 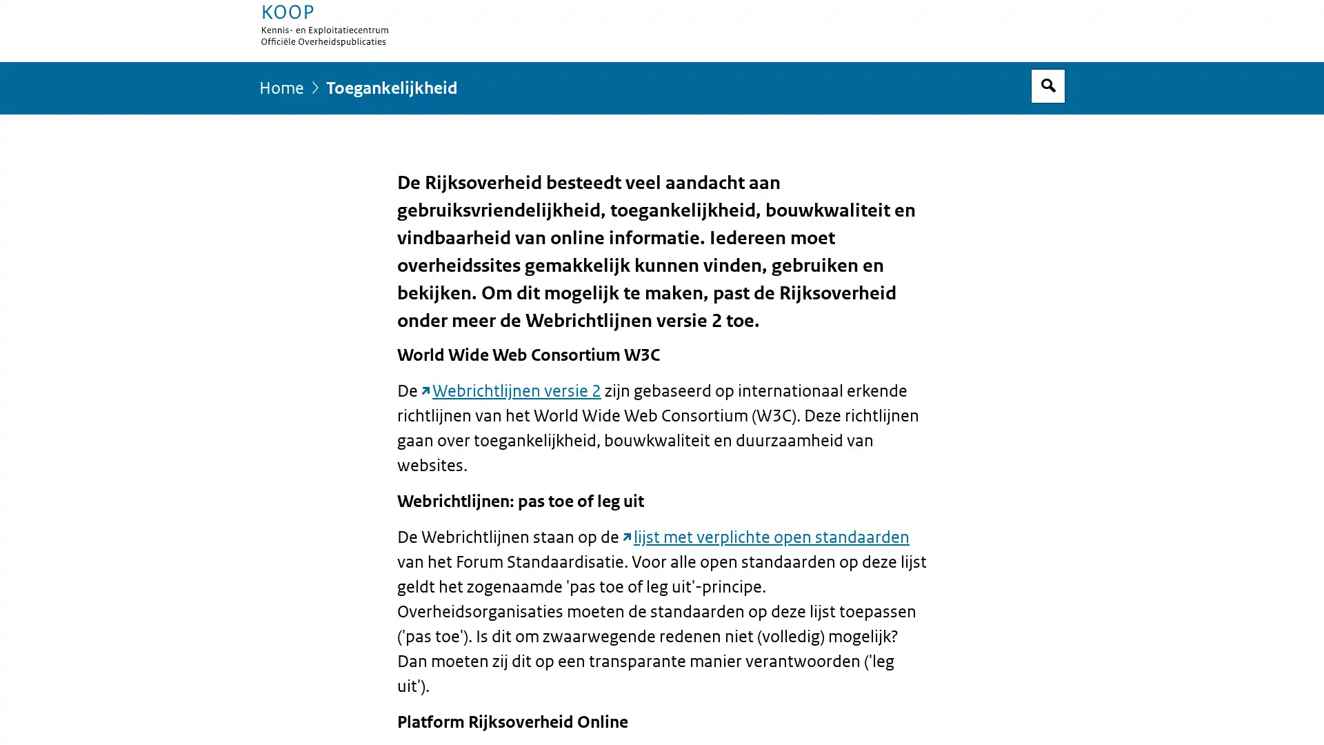 What do you see at coordinates (1048, 86) in the screenshot?
I see `Open zoekveld` at bounding box center [1048, 86].